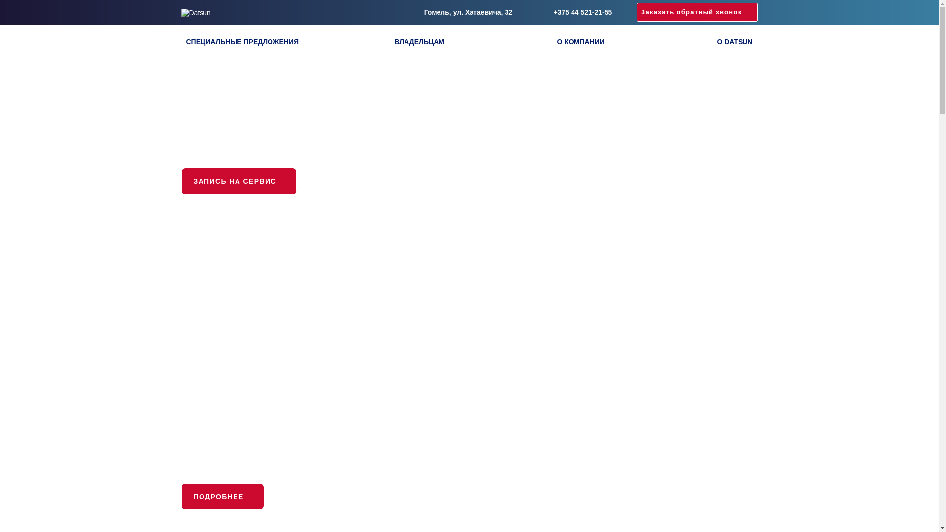 This screenshot has height=532, width=946. Describe the element at coordinates (574, 12) in the screenshot. I see `'+375 44 521-21-55'` at that location.